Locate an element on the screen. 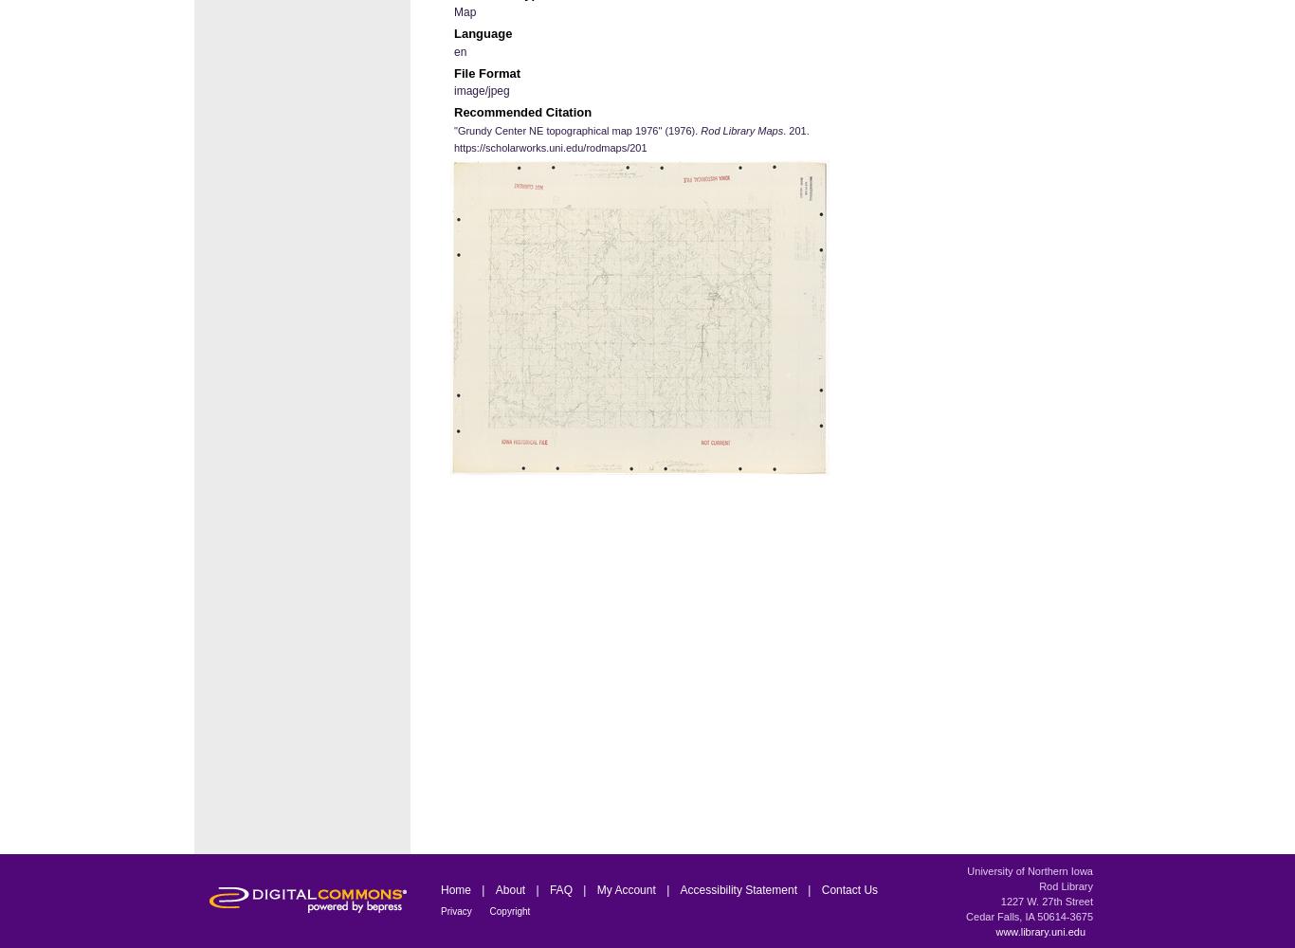 The height and width of the screenshot is (948, 1295). 'Accessibility Statement' is located at coordinates (739, 889).